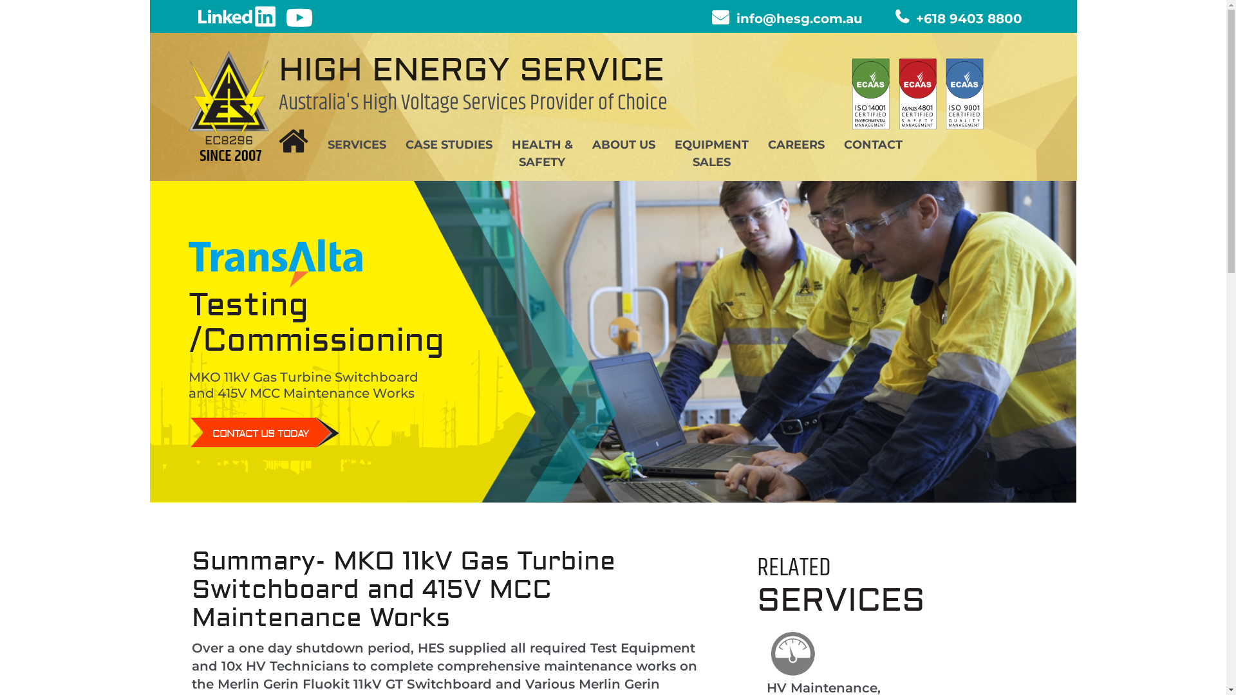 The image size is (1236, 695). I want to click on 'SERVICES', so click(356, 145).